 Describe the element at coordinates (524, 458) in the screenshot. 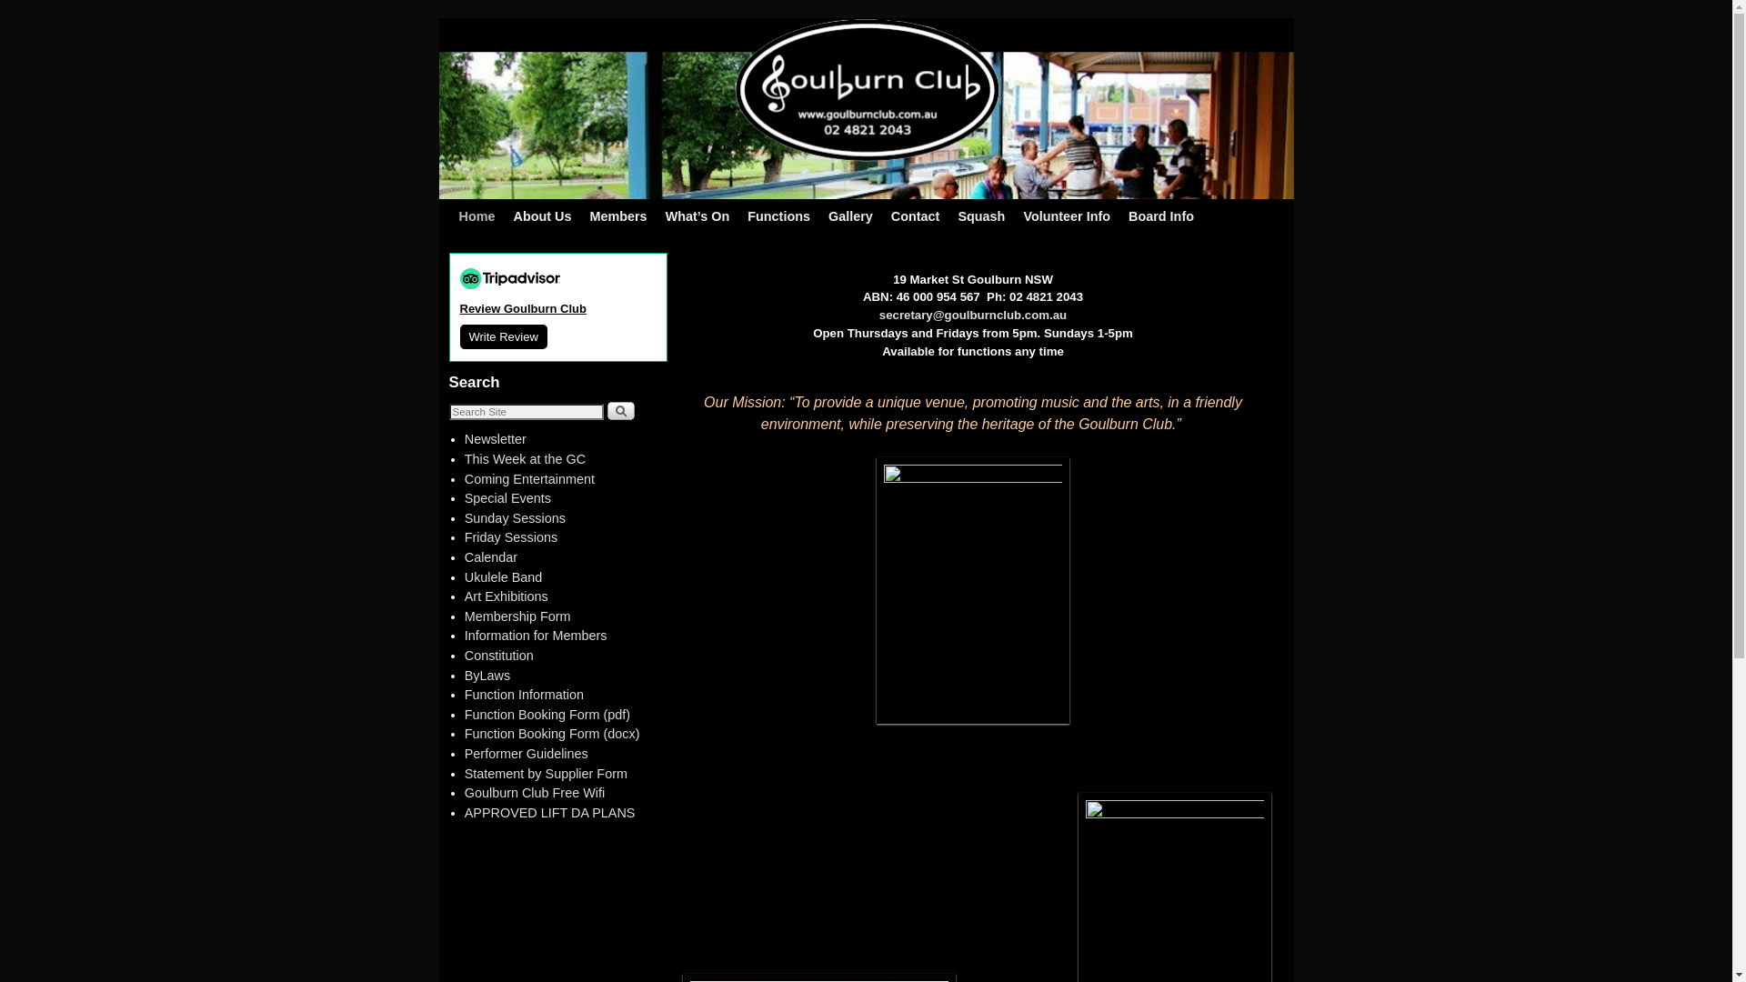

I see `'This Week at the GC'` at that location.